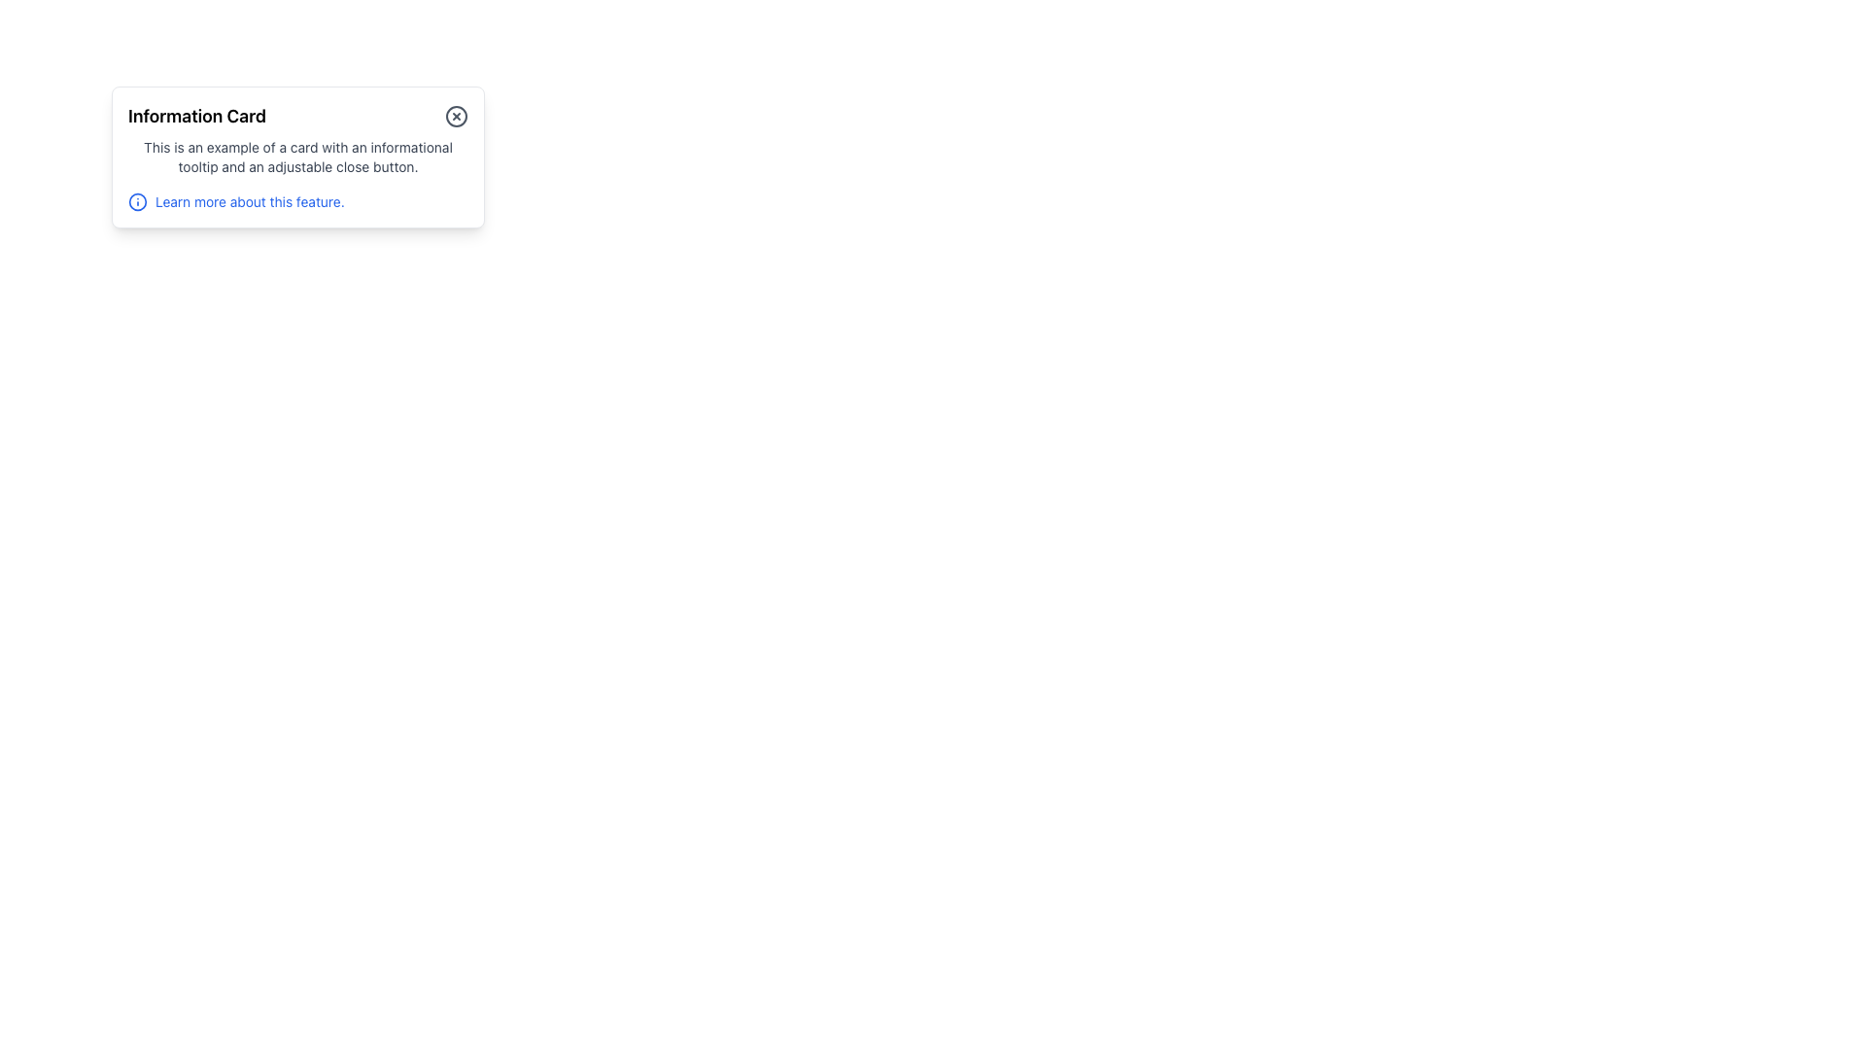 This screenshot has height=1050, width=1866. I want to click on the help icon located to the left of the 'Learn more about this feature' text, which serves as a visual cue for providing additional information, so click(137, 202).